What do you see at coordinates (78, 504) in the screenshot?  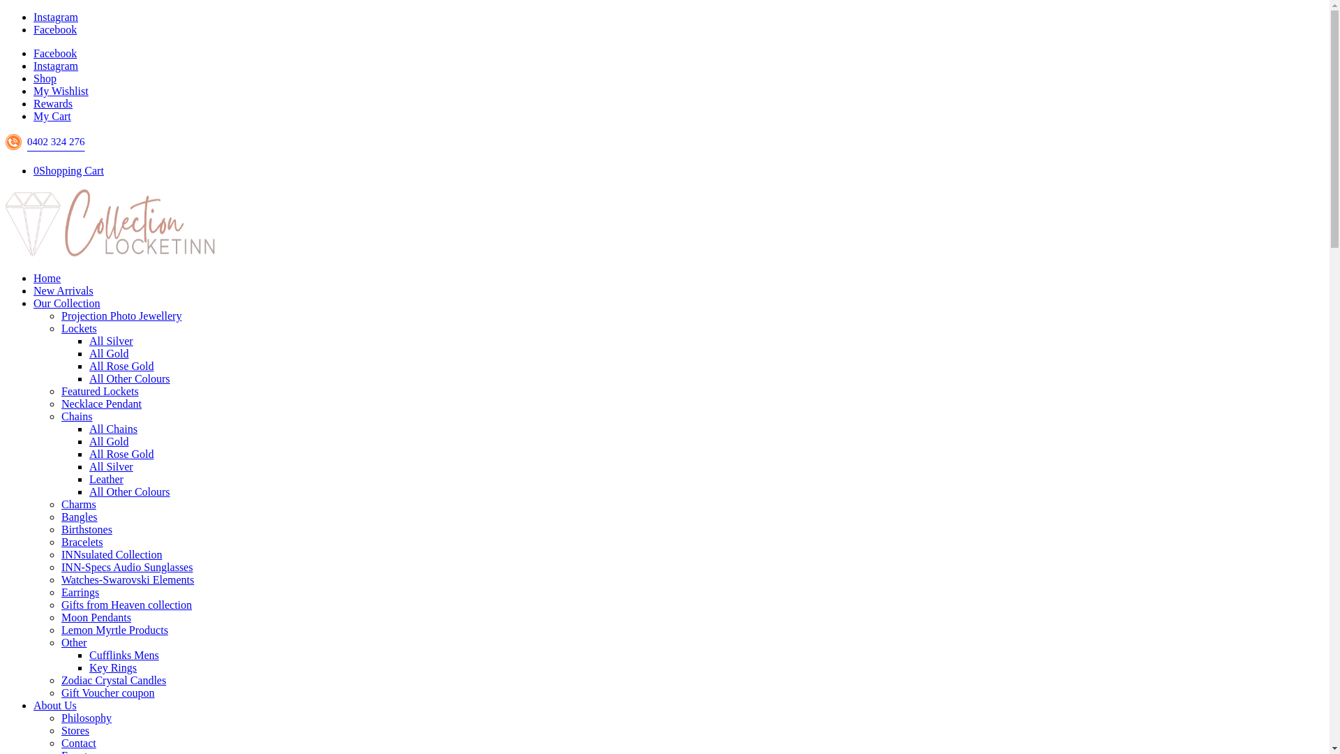 I see `'Charms'` at bounding box center [78, 504].